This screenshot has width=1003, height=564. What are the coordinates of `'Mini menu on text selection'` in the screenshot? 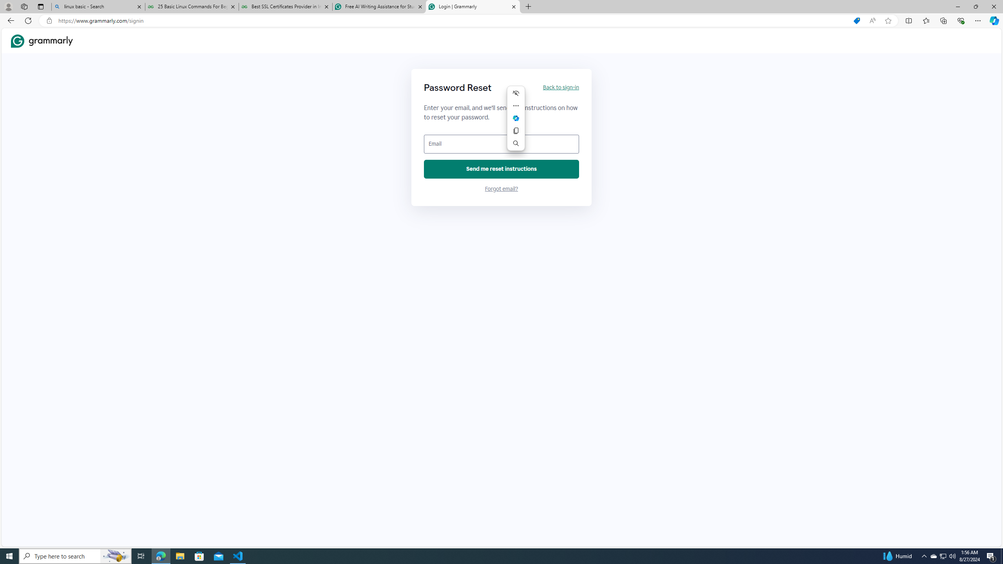 It's located at (516, 123).